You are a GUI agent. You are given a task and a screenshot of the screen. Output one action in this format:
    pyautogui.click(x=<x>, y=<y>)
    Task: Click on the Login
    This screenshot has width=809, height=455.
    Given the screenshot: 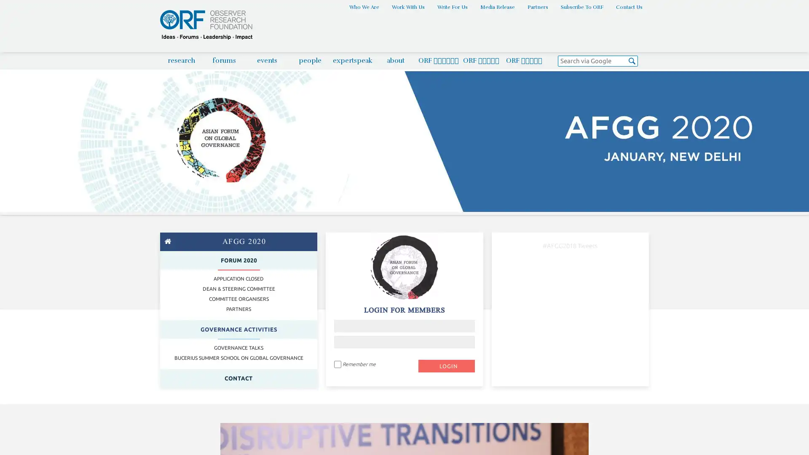 What is the action you would take?
    pyautogui.click(x=446, y=365)
    